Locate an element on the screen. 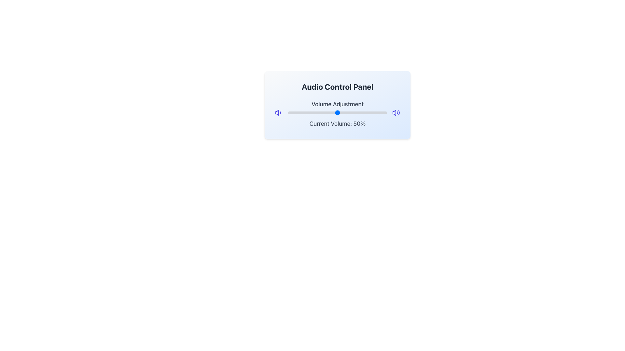  the volume is located at coordinates (287, 111).